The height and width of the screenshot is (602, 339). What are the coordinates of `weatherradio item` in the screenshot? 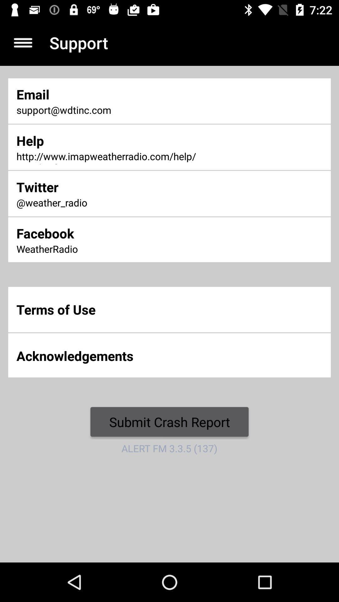 It's located at (112, 249).